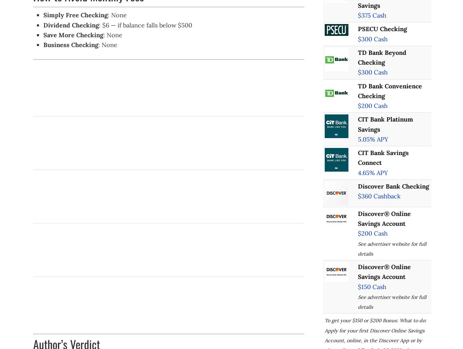 This screenshot has height=349, width=463. What do you see at coordinates (70, 44) in the screenshot?
I see `'Business Checking'` at bounding box center [70, 44].